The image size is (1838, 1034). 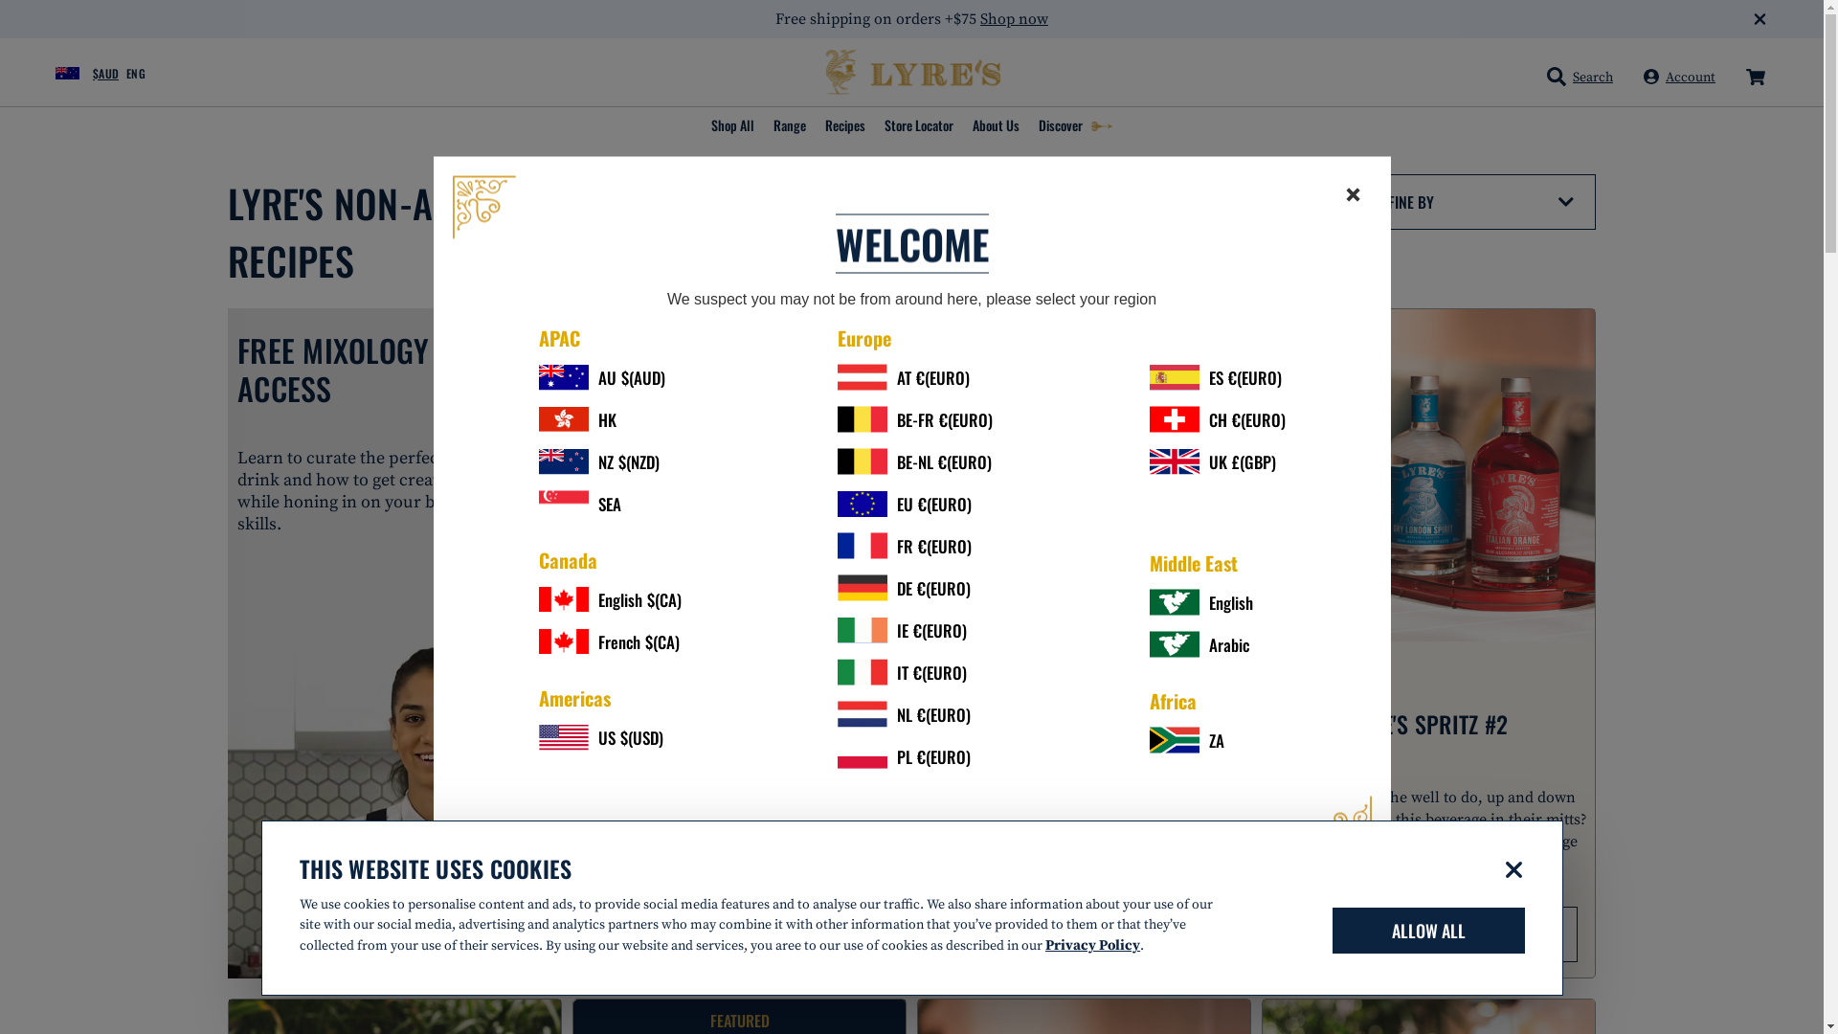 What do you see at coordinates (919, 125) in the screenshot?
I see `'Store Locator'` at bounding box center [919, 125].